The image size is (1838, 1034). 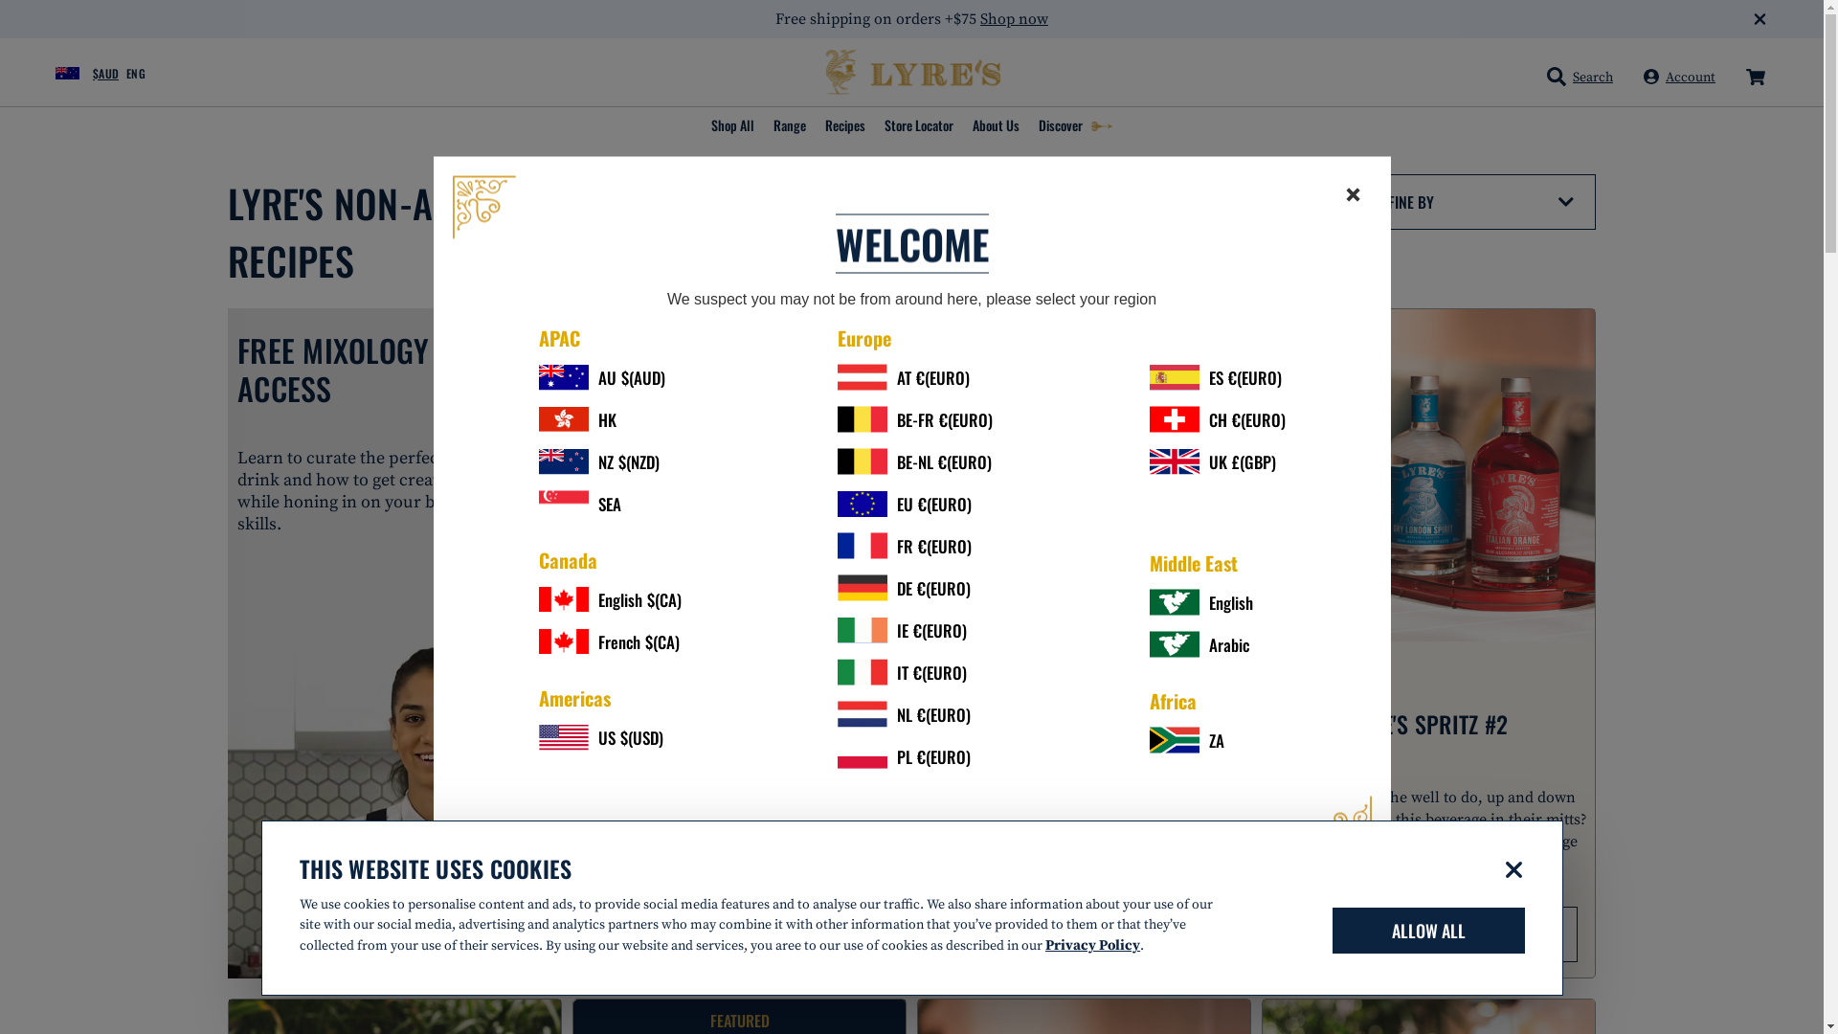 What do you see at coordinates (919, 125) in the screenshot?
I see `'Store Locator'` at bounding box center [919, 125].